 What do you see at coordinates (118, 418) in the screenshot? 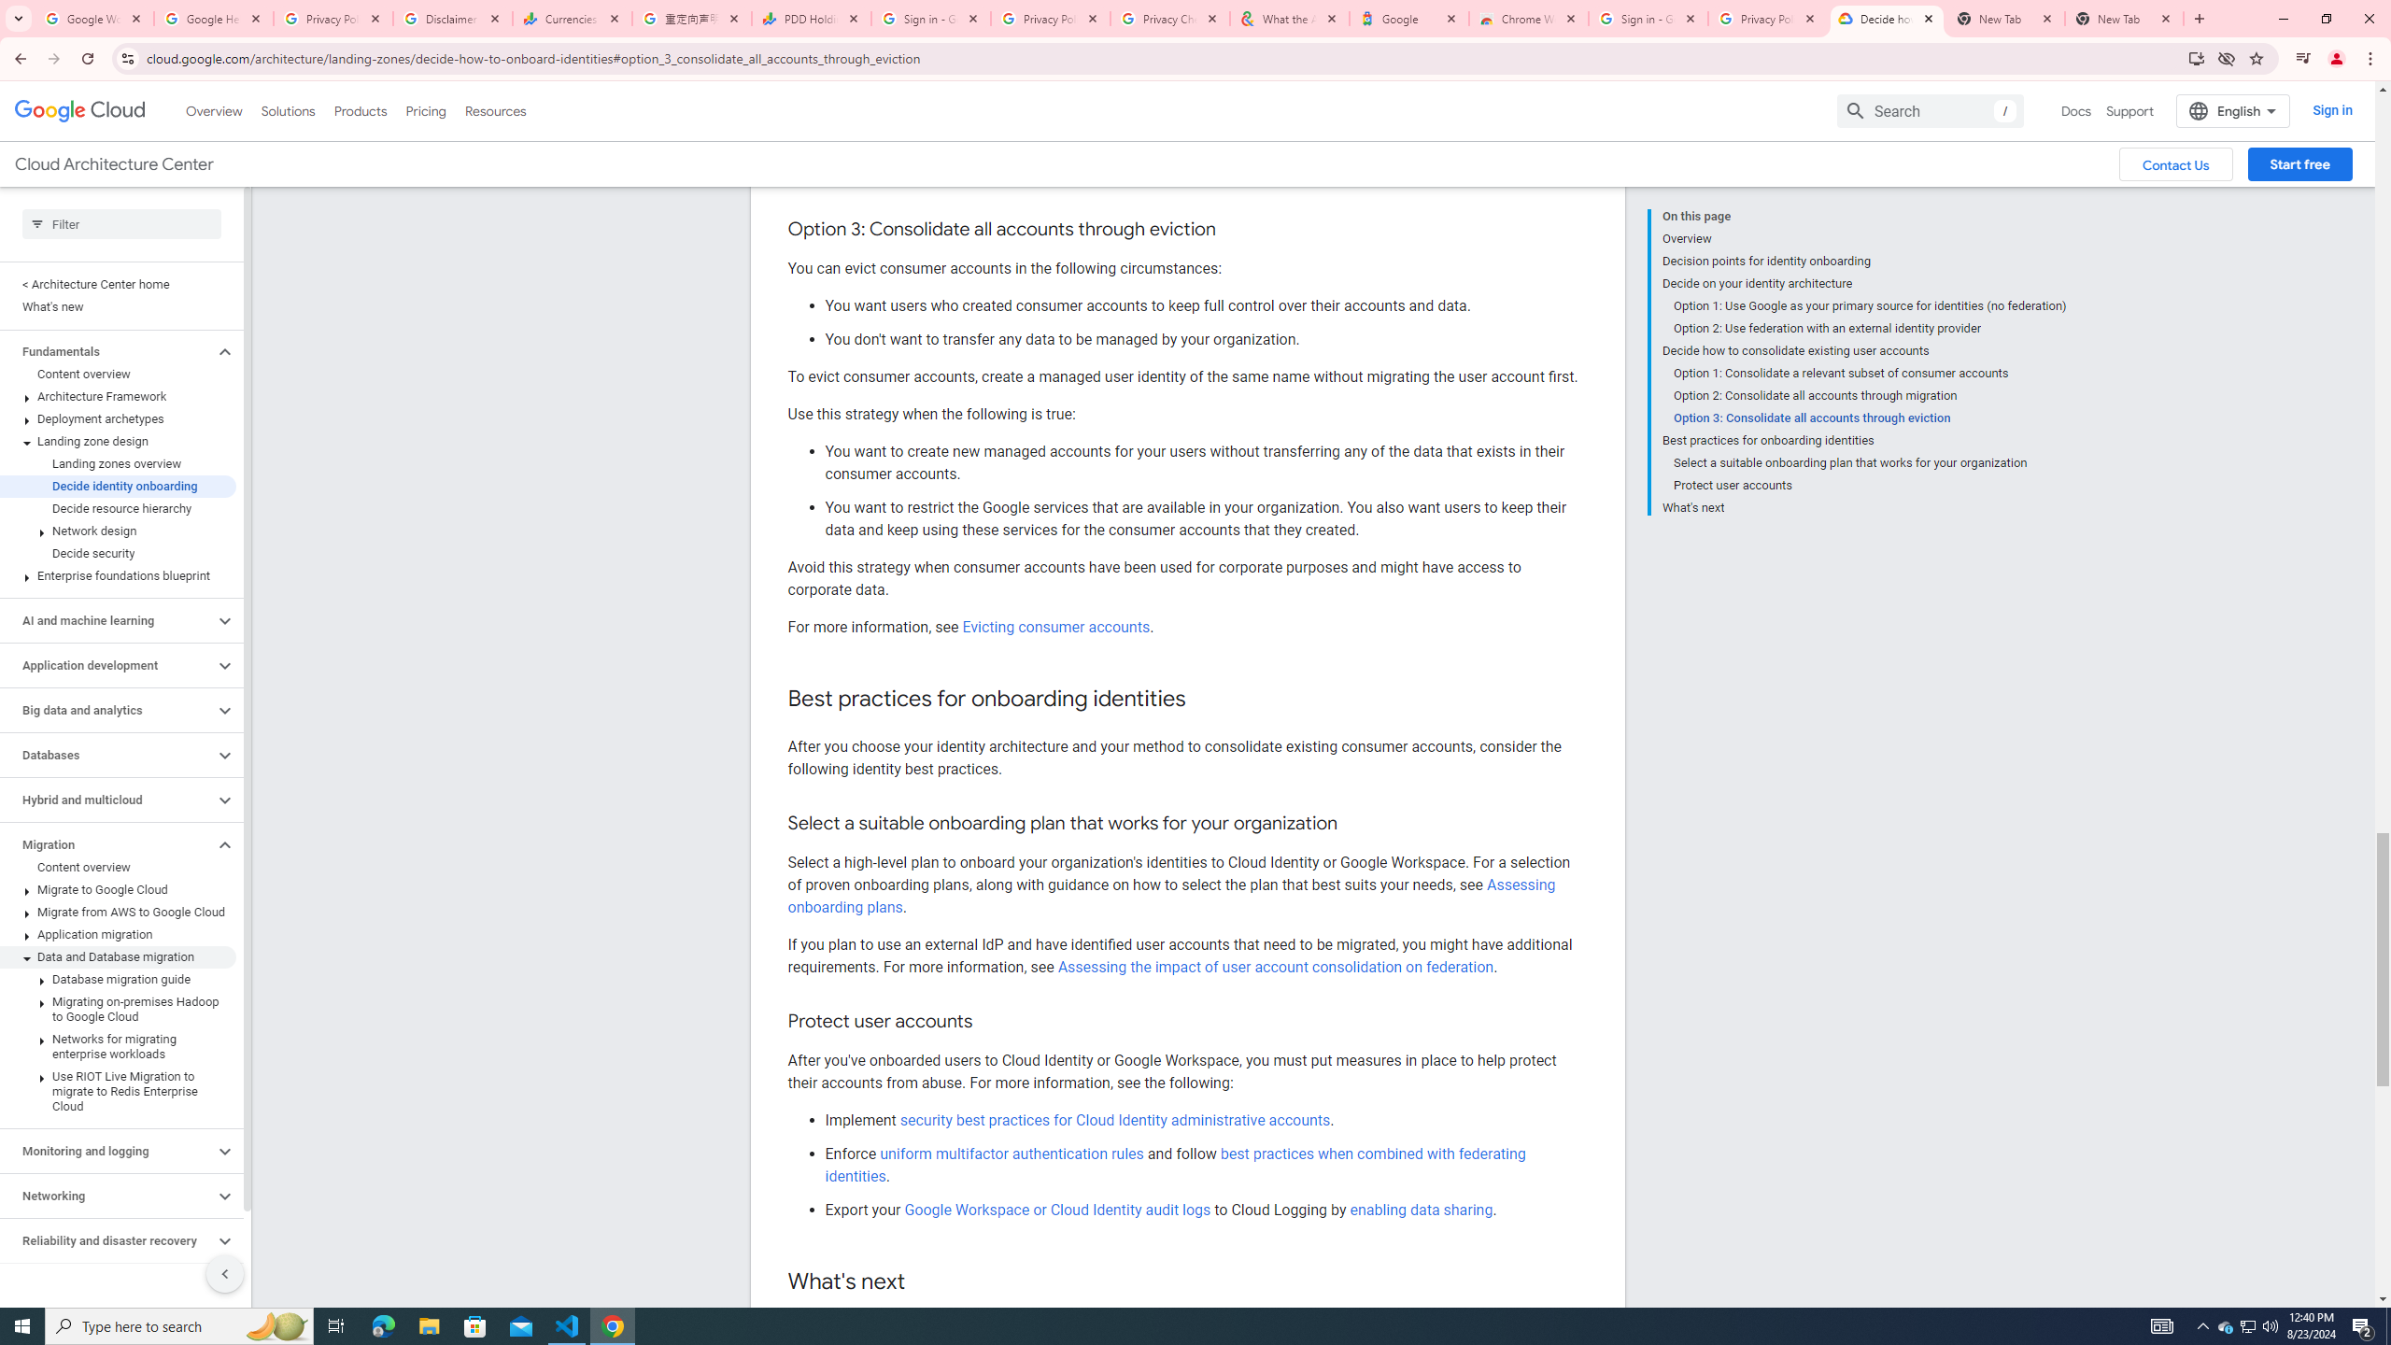
I see `'Deployment archetypes'` at bounding box center [118, 418].